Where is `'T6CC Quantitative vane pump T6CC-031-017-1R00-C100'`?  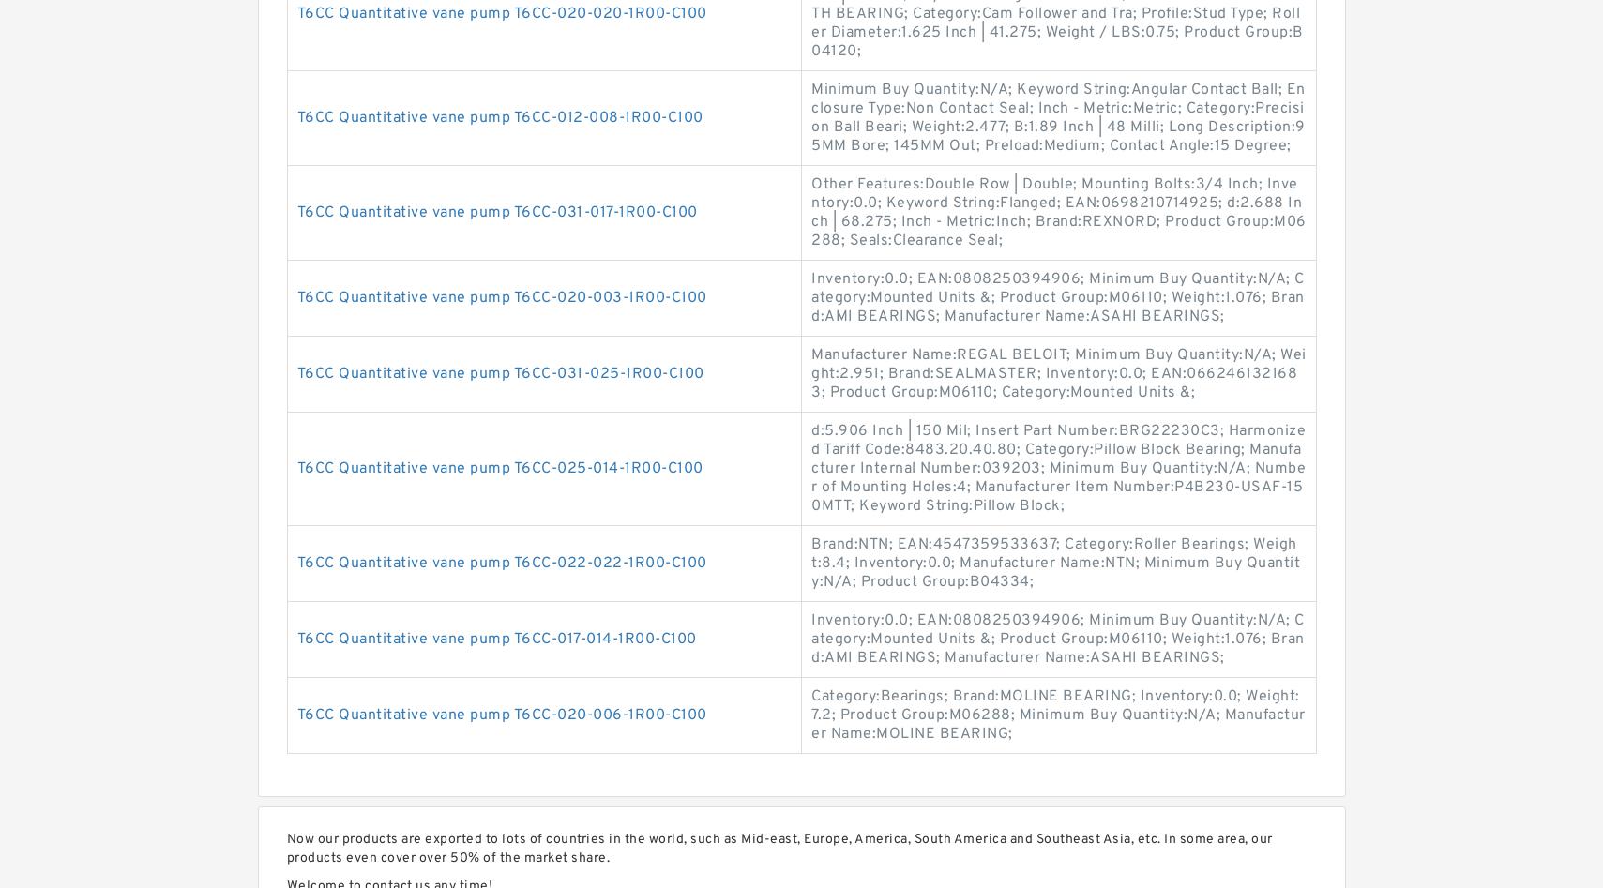
'T6CC Quantitative vane pump T6CC-031-017-1R00-C100' is located at coordinates (495, 212).